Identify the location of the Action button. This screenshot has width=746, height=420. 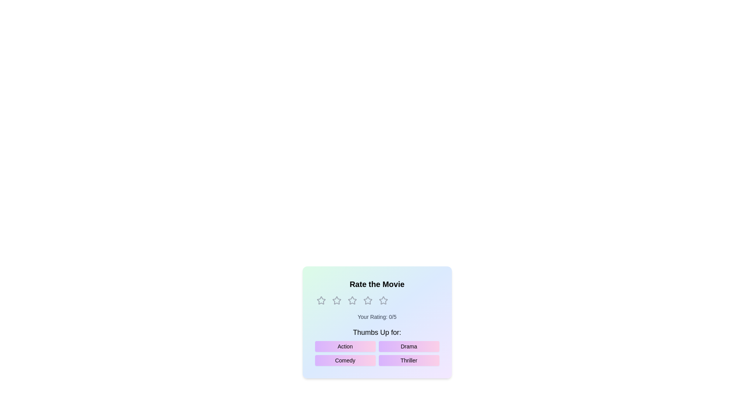
(345, 346).